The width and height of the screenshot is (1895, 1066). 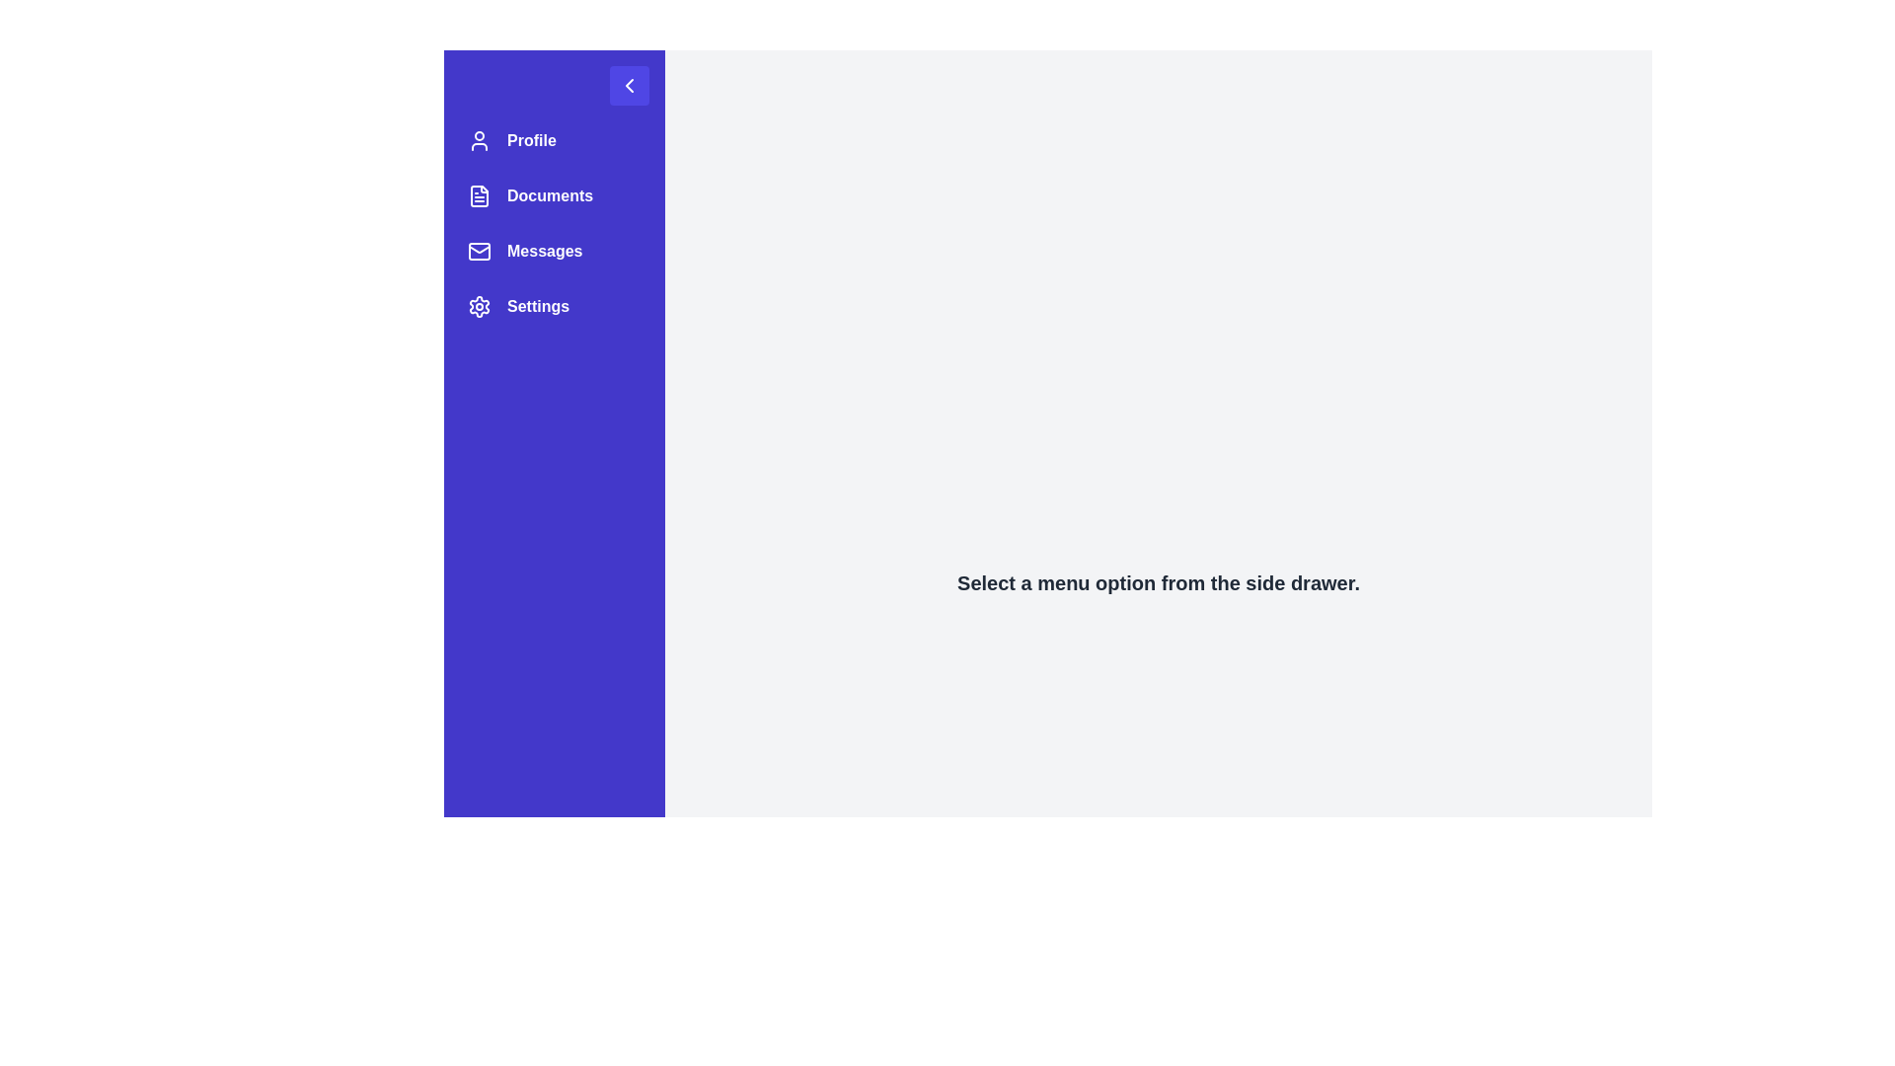 I want to click on the graphical element within the envelope-shaped icon representing the 'Messages' functionality in the sidebar menu, which is the third item from the top, so click(x=479, y=250).